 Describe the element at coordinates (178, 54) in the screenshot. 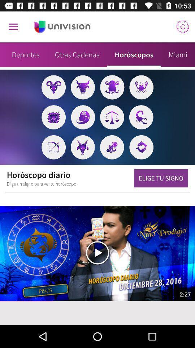

I see `the miami option which is below settings icon` at that location.